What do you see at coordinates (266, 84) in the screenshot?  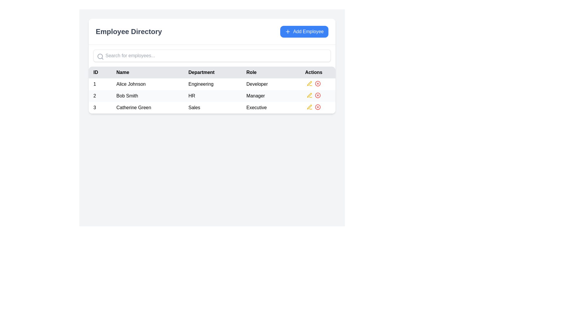 I see `the static text label indicating the role of 'Alice Johnson' in the 'Engineering' department, located in the 'Role' column of the first row of the table` at bounding box center [266, 84].